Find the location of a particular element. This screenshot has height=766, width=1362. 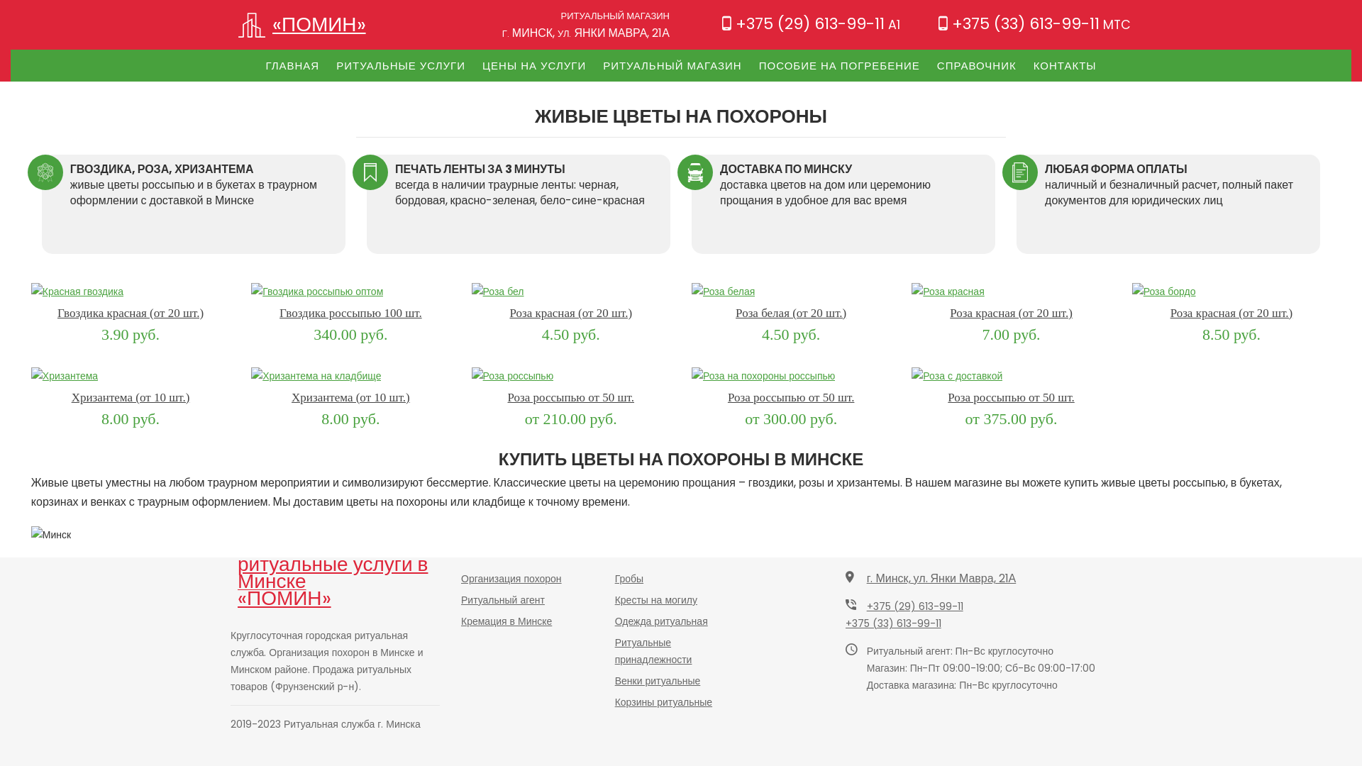

'+375 (33) 613-99-11 MTC' is located at coordinates (1034, 23).